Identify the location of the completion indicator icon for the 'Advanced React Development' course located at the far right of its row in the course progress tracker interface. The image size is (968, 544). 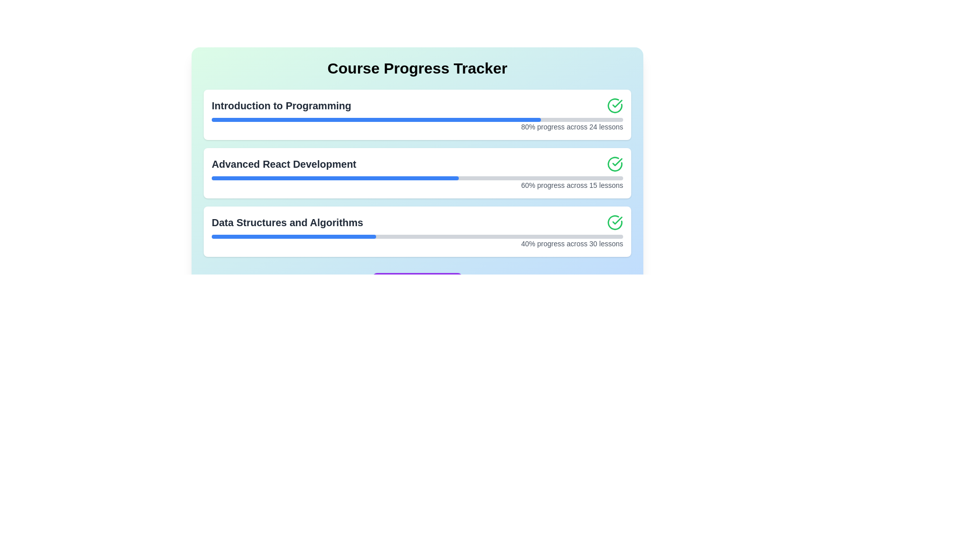
(614, 164).